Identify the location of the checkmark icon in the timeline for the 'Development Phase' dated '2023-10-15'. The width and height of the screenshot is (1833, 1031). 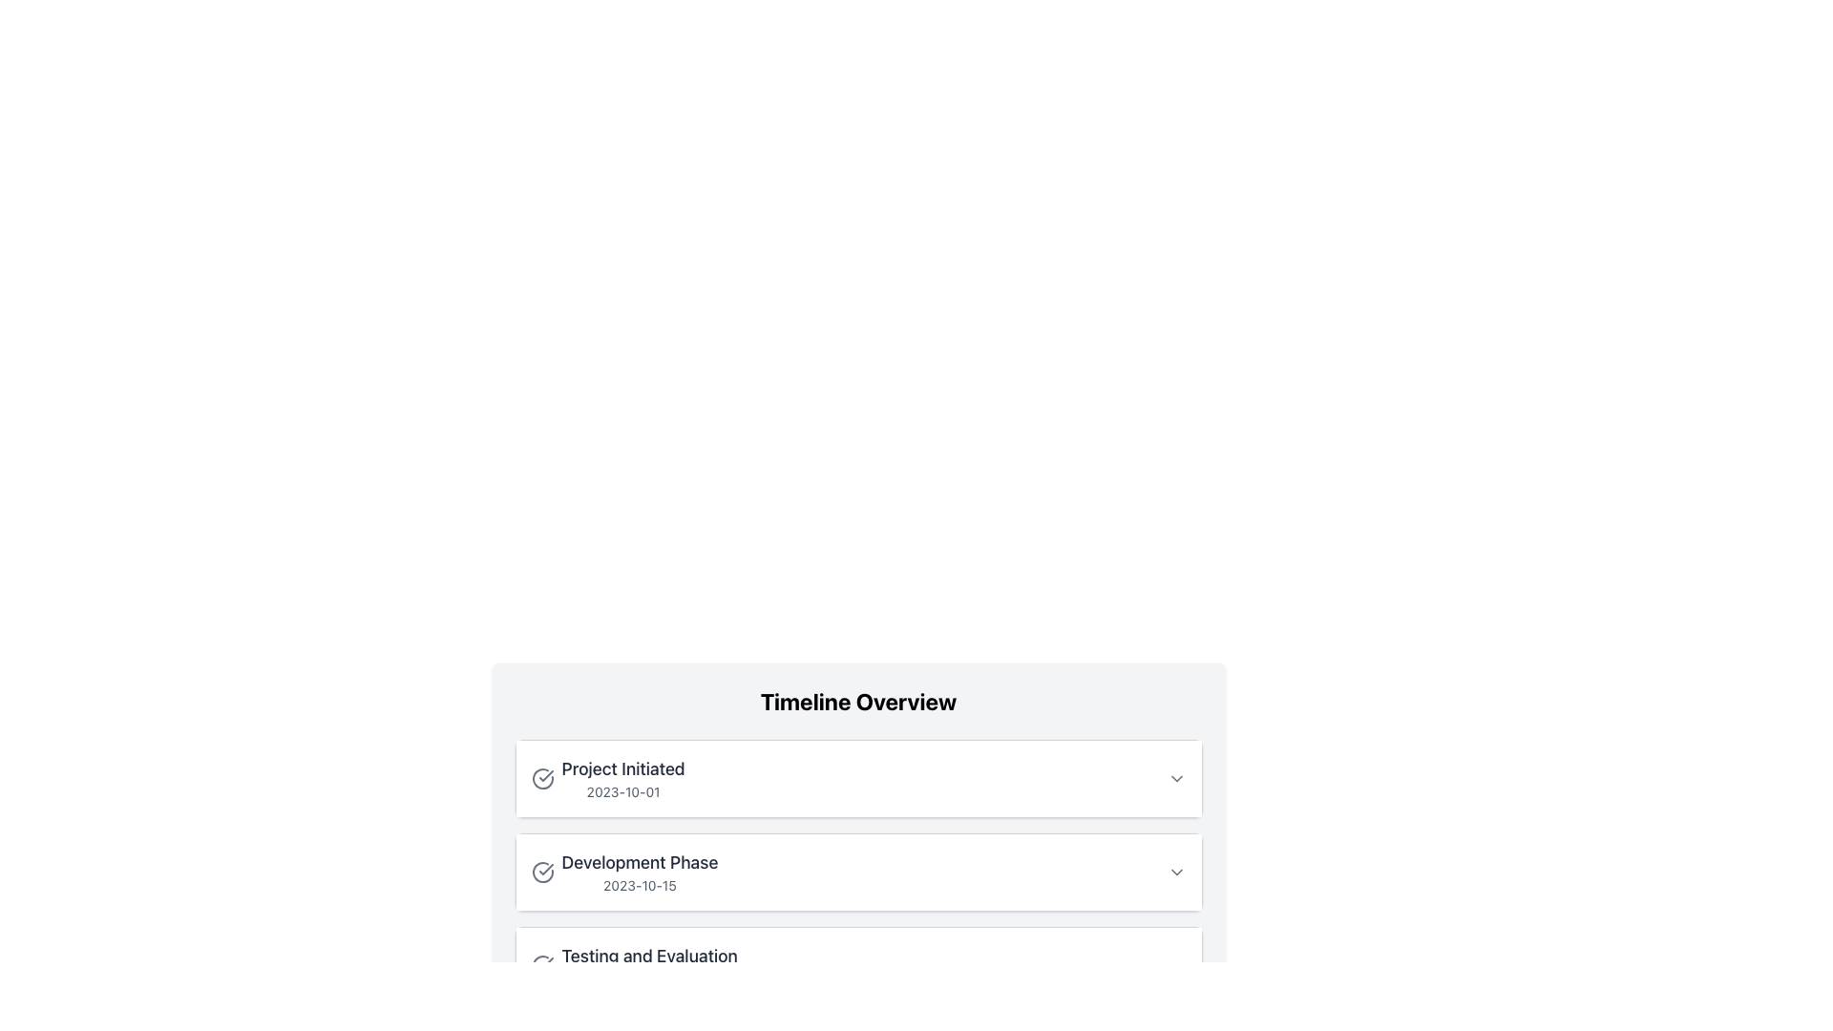
(544, 869).